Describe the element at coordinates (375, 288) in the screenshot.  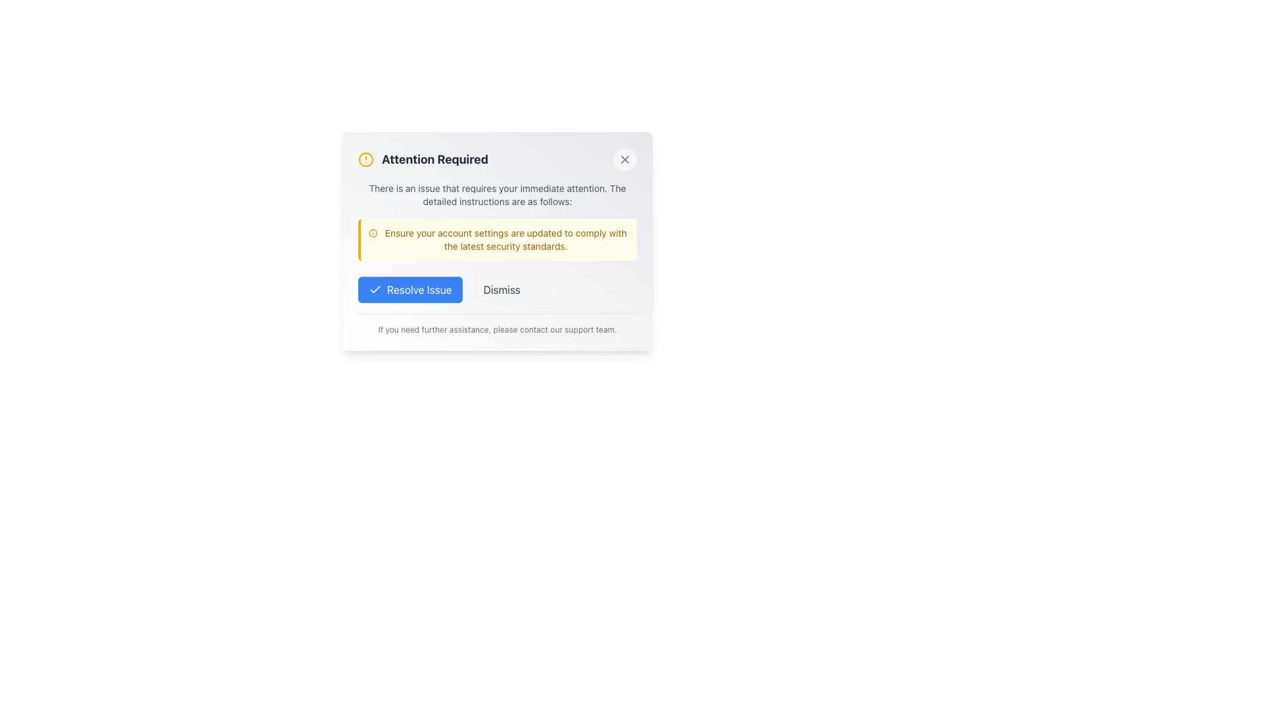
I see `the checkmark icon within the 'Resolve Issue' button in the modal window to trigger the tooltip` at that location.